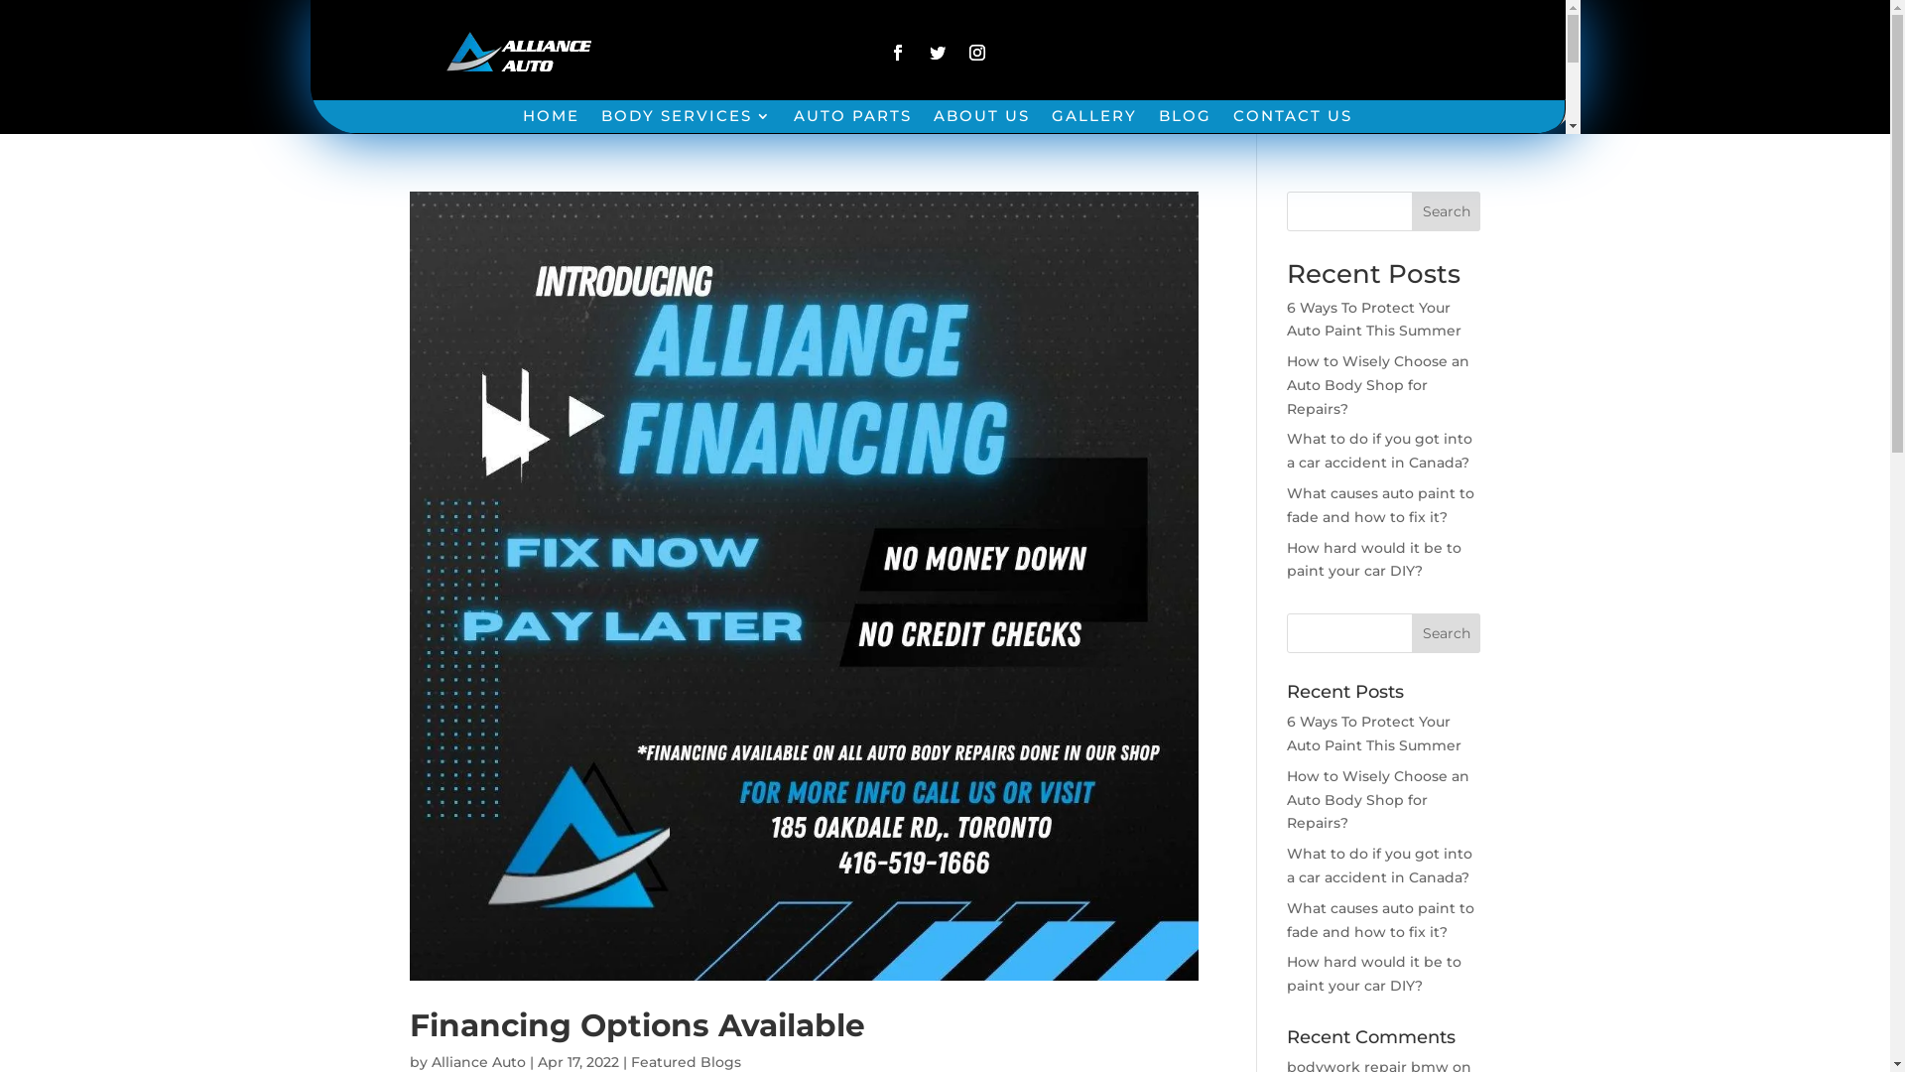  What do you see at coordinates (636, 1025) in the screenshot?
I see `'Financing Options Available'` at bounding box center [636, 1025].